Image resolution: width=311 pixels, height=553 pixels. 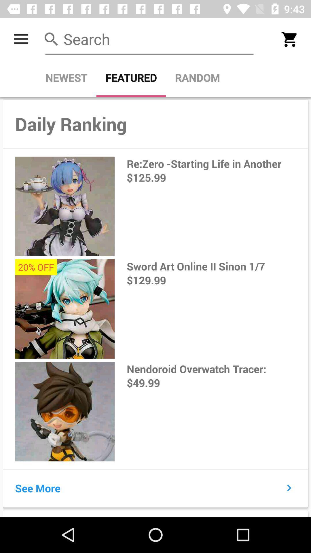 What do you see at coordinates (149, 39) in the screenshot?
I see `search` at bounding box center [149, 39].